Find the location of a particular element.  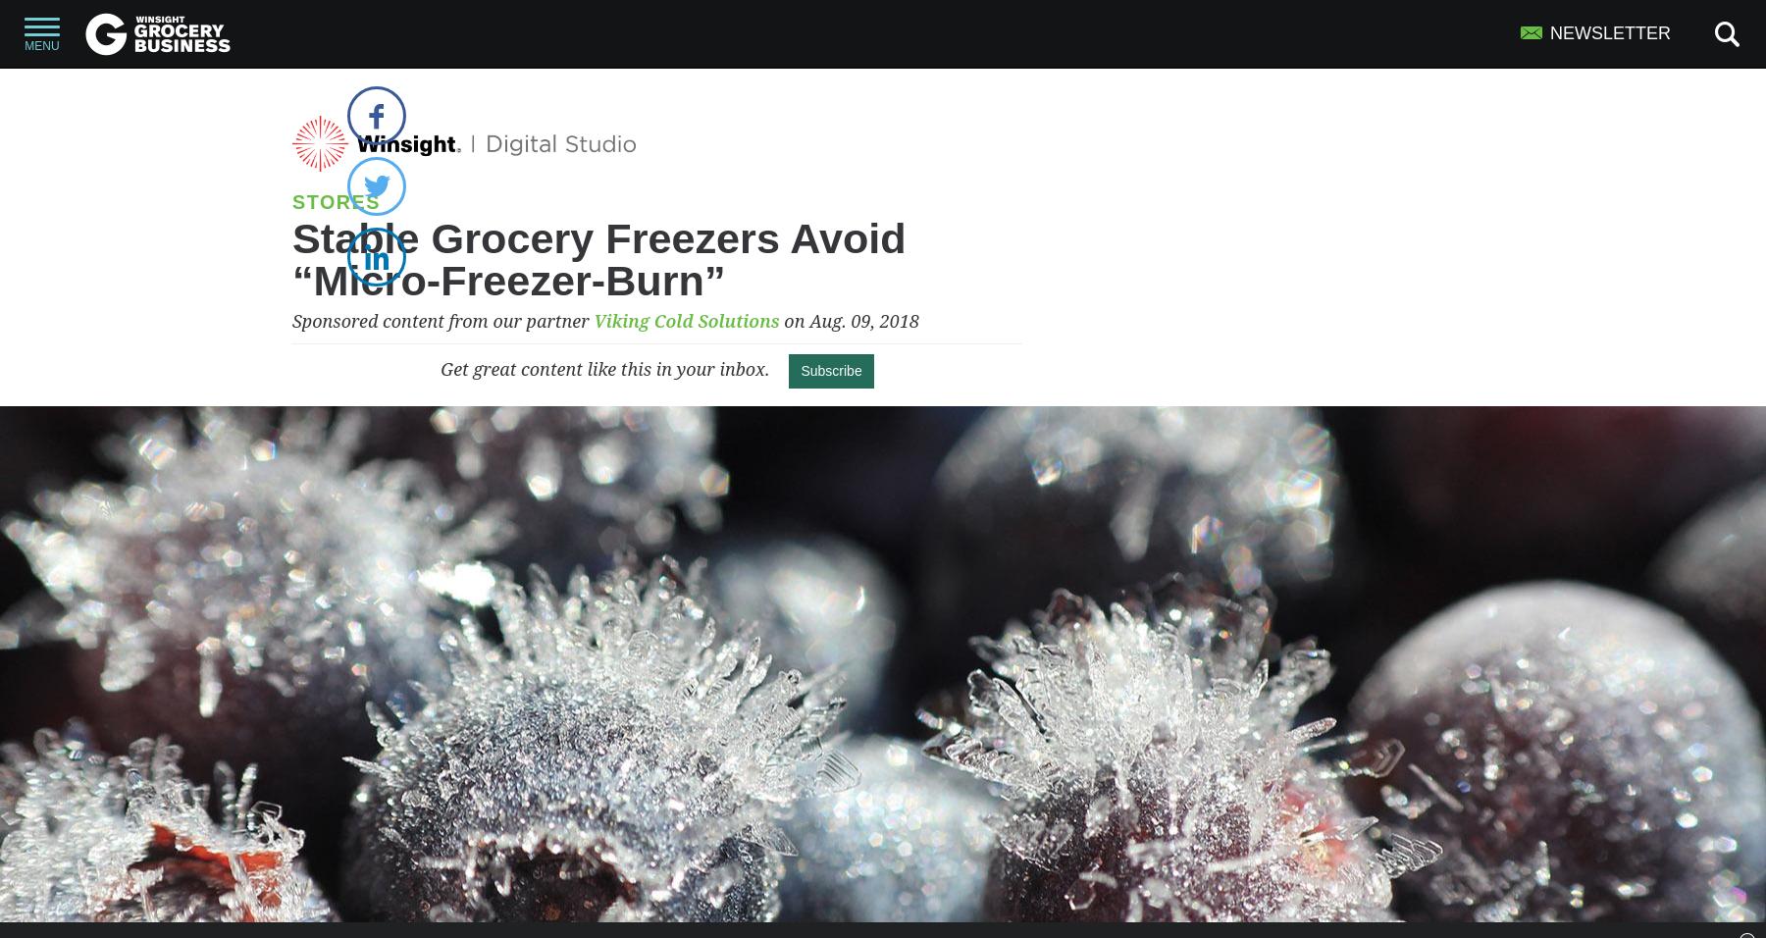

'Viking Cold Solutions' is located at coordinates (685, 320).